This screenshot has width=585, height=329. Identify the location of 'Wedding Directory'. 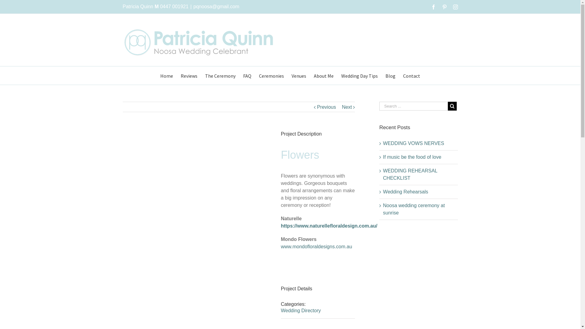
(280, 310).